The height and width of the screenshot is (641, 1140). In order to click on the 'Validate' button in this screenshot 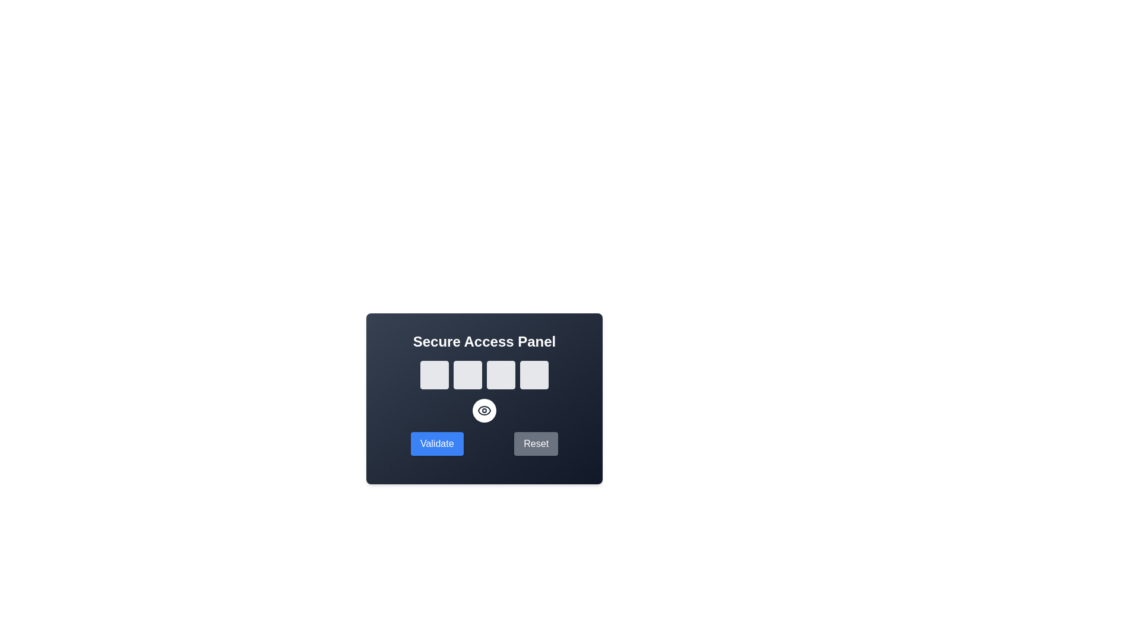, I will do `click(436, 444)`.